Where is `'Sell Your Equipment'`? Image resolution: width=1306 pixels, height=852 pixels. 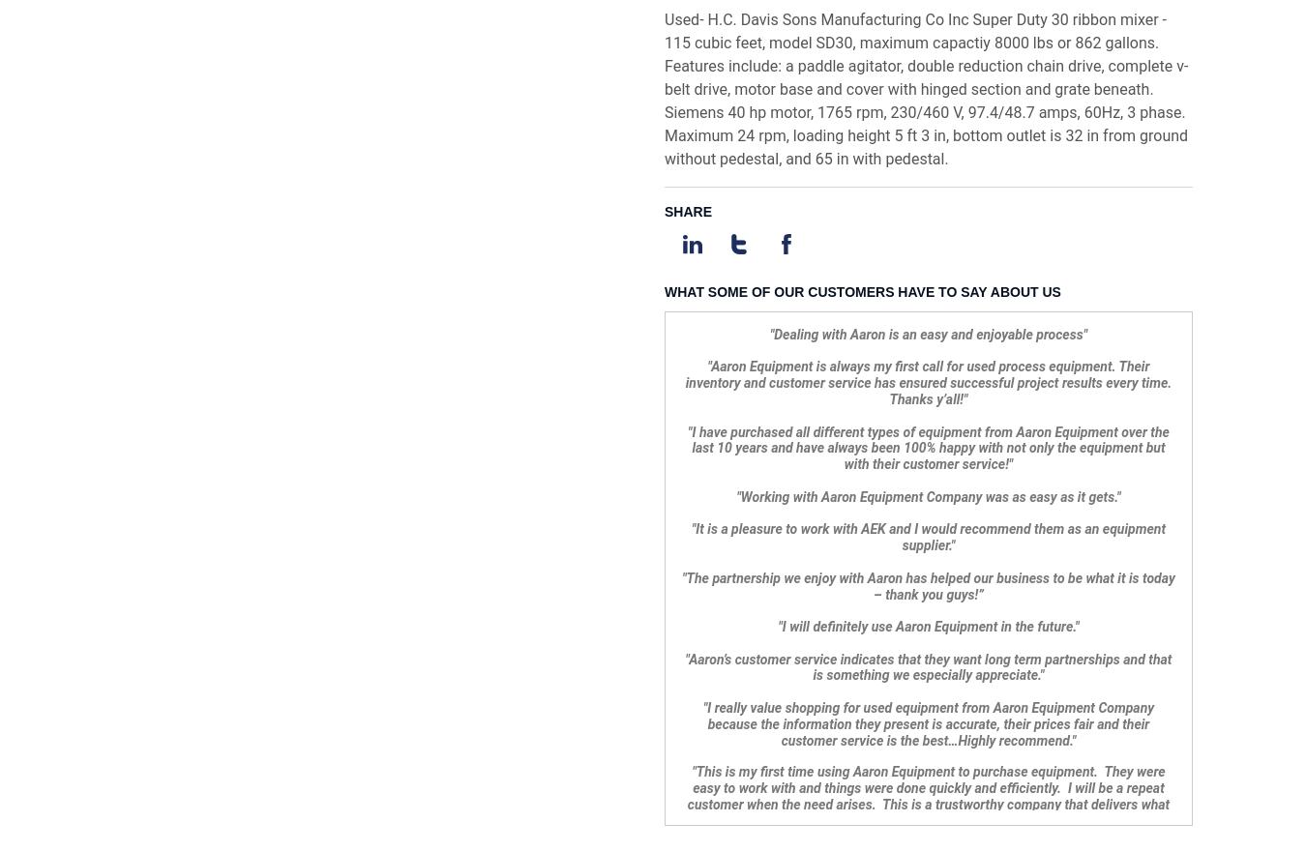 'Sell Your Equipment' is located at coordinates (384, 757).